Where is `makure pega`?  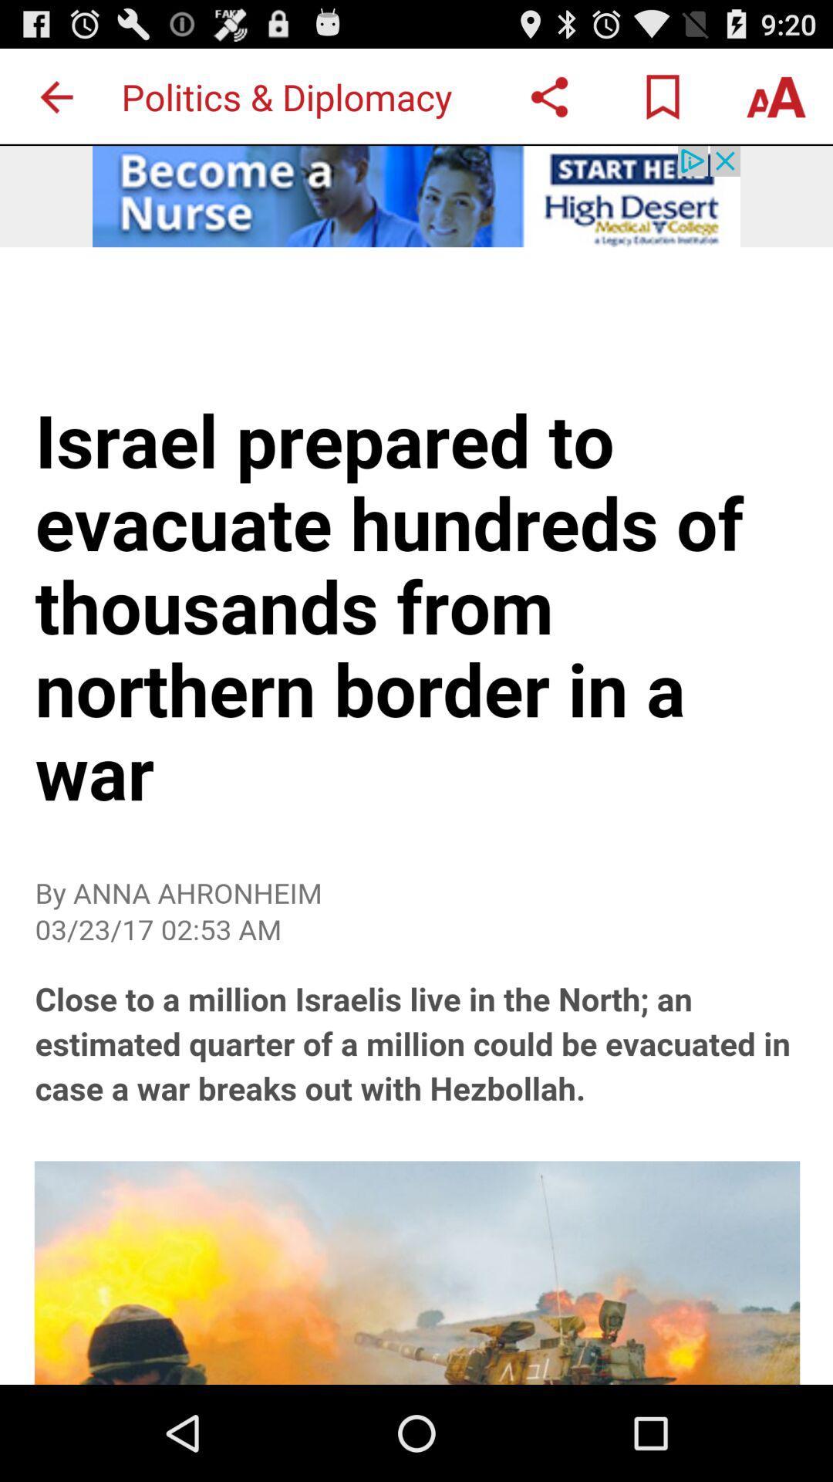
makure pega is located at coordinates (56, 96).